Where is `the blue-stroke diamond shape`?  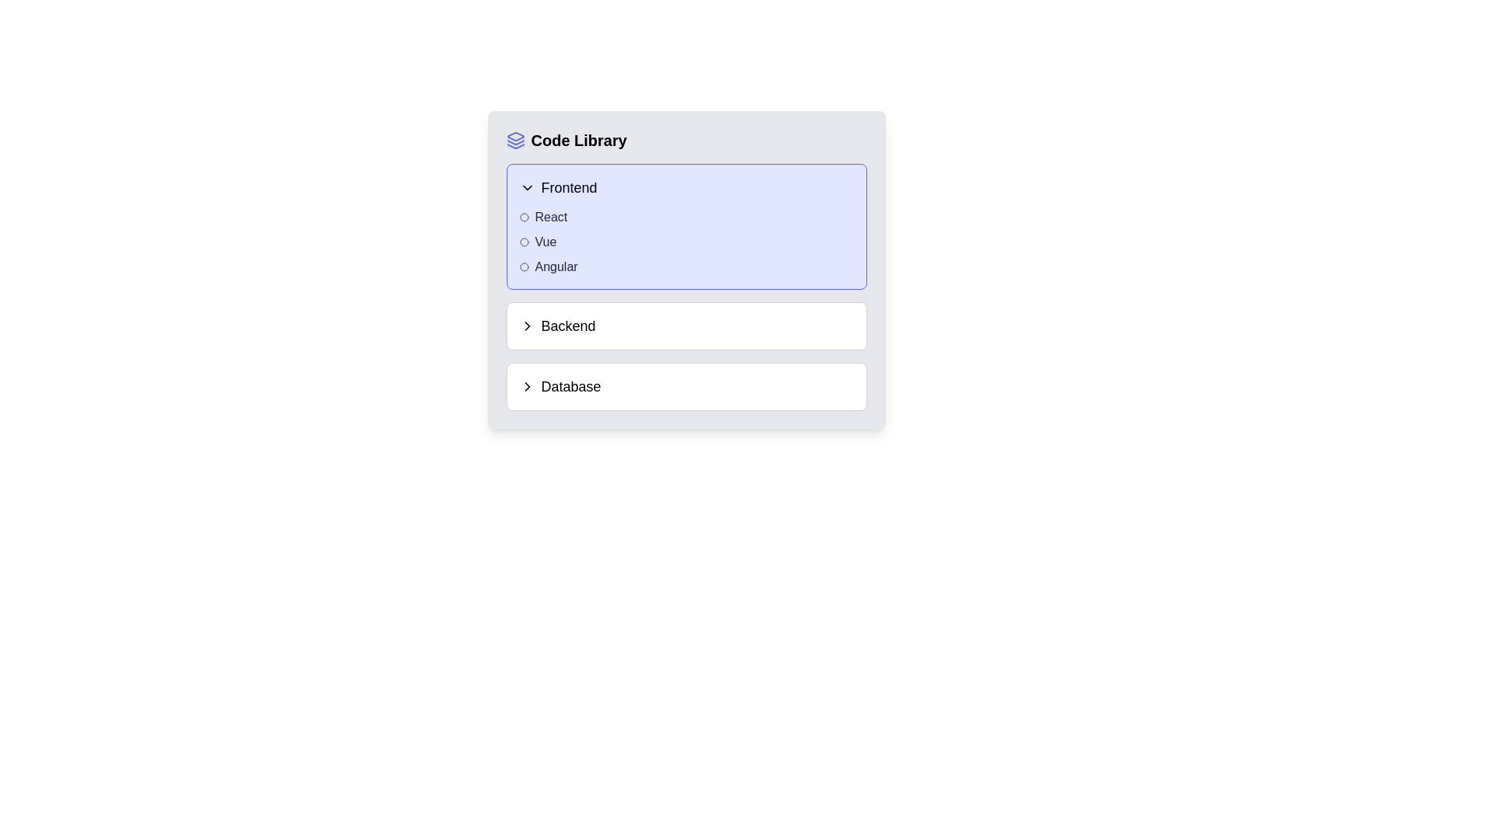
the blue-stroke diamond shape is located at coordinates (515, 136).